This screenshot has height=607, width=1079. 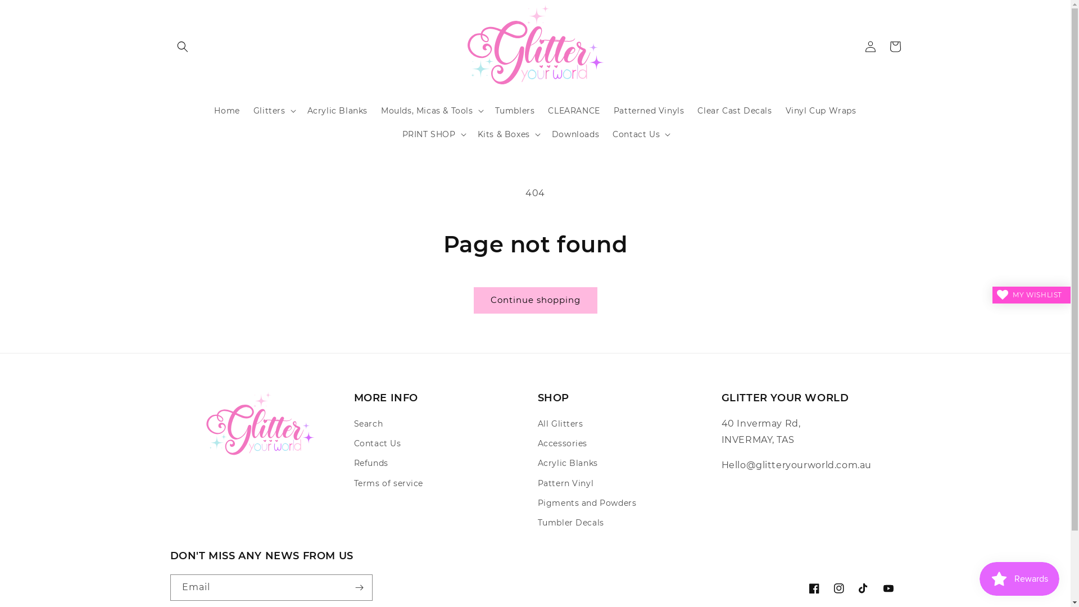 I want to click on 'YouTube', so click(x=887, y=587).